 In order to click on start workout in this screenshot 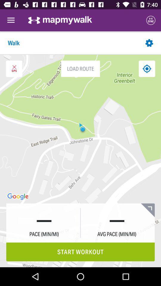, I will do `click(80, 251)`.